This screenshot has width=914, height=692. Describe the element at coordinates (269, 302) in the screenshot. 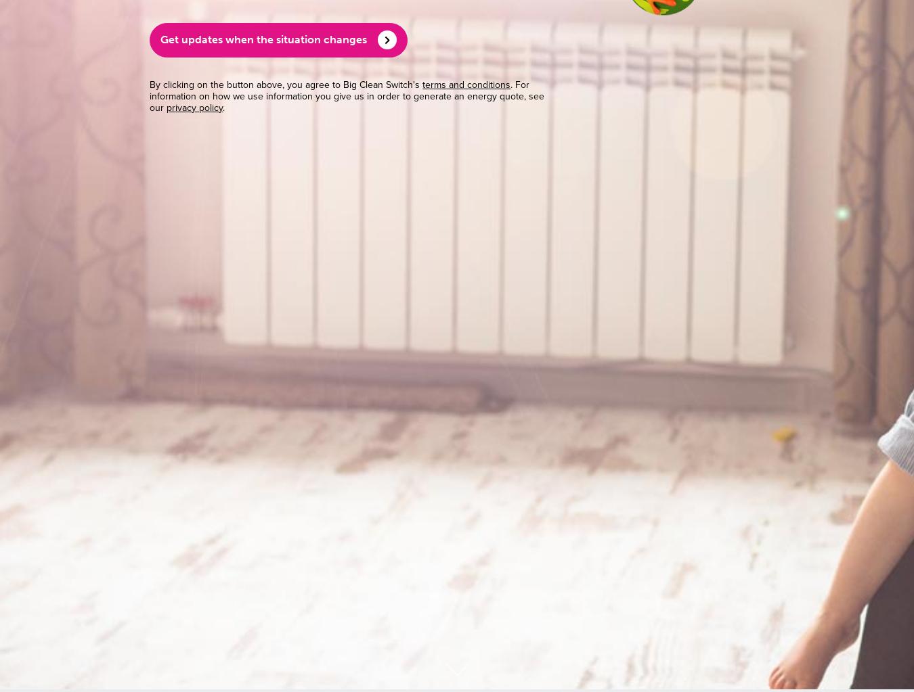

I see `'in 2020 and a five star rating on Trustpilot.'` at that location.